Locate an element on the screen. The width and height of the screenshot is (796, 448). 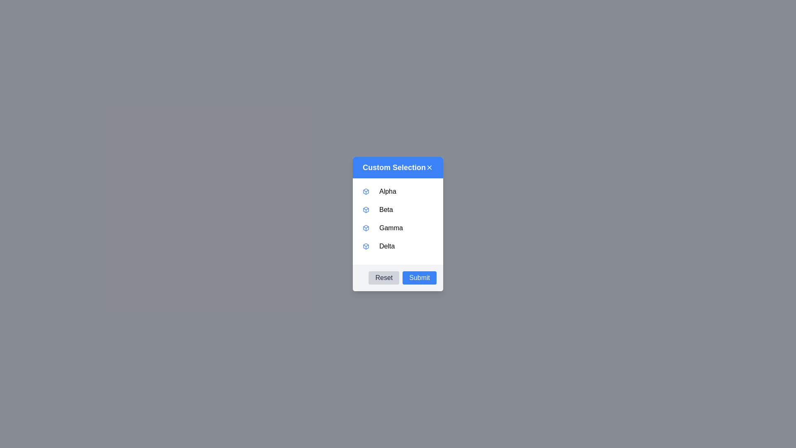
the text label displaying 'Alpha' which is the first item in the vertical list within the 'Custom Selection' dialog is located at coordinates (387, 192).